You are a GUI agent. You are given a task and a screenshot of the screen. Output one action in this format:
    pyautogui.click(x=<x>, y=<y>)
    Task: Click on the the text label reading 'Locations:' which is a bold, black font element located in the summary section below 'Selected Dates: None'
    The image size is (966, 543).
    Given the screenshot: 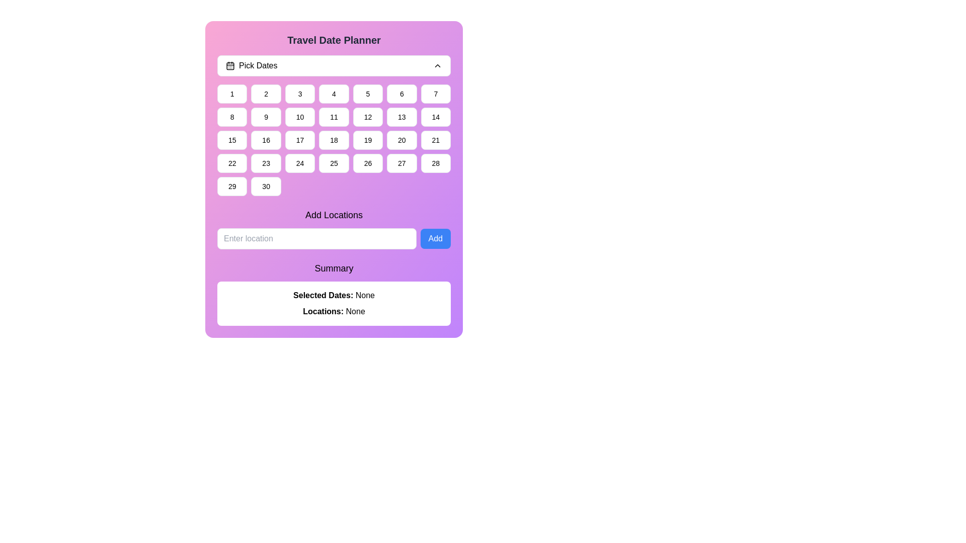 What is the action you would take?
    pyautogui.click(x=324, y=311)
    